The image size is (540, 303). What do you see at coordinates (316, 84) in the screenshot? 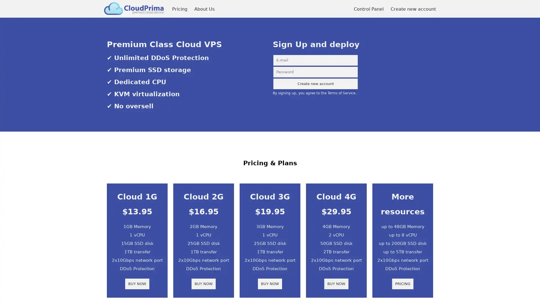
I see `Create new account` at bounding box center [316, 84].